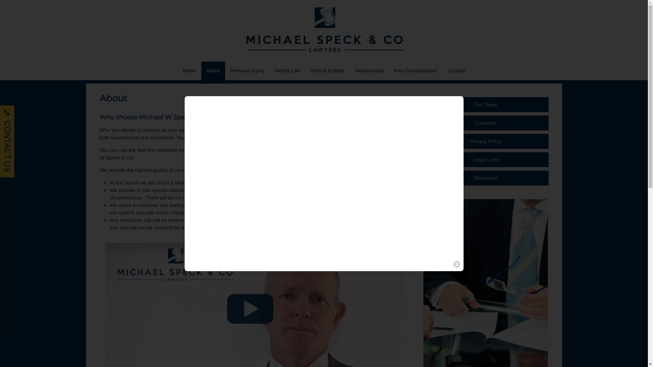  What do you see at coordinates (415, 71) in the screenshot?
I see `'Free Consultations'` at bounding box center [415, 71].